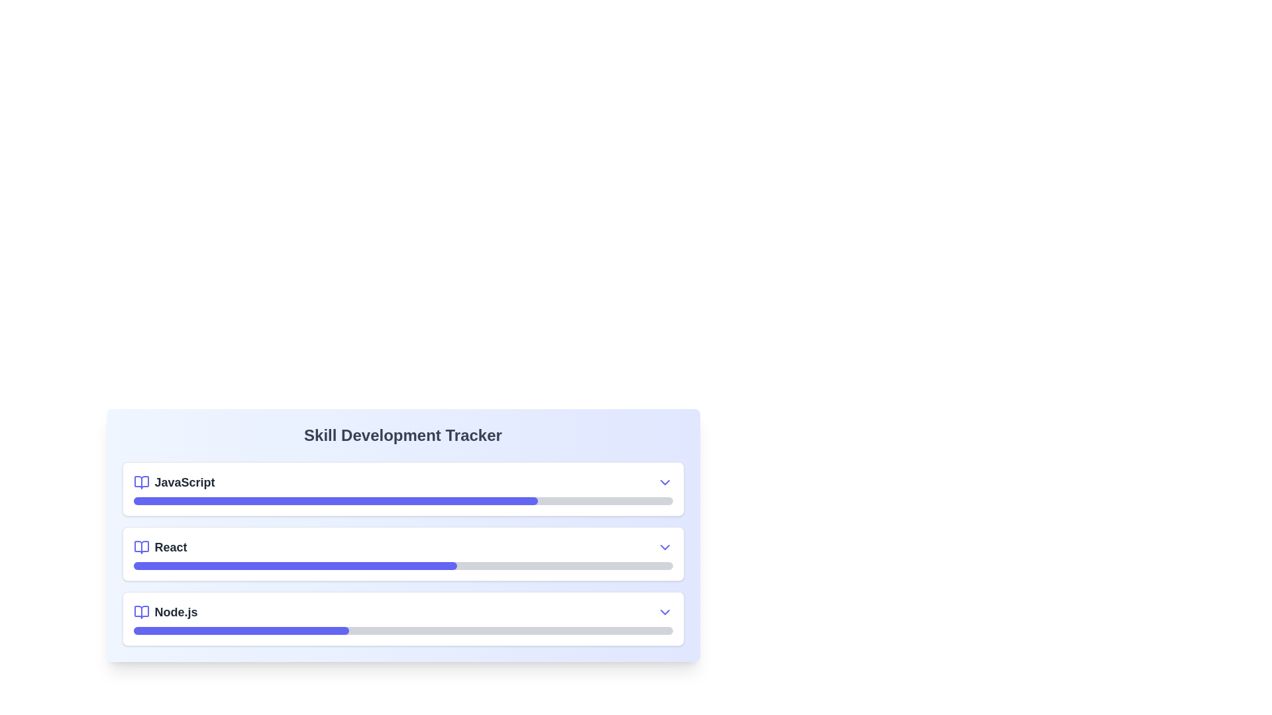 The image size is (1272, 715). I want to click on text of the 'React' skill label, which is the second item in the Skill Development Tracker interface, positioned slightly left of center and right-aligned to a book icon, so click(170, 547).